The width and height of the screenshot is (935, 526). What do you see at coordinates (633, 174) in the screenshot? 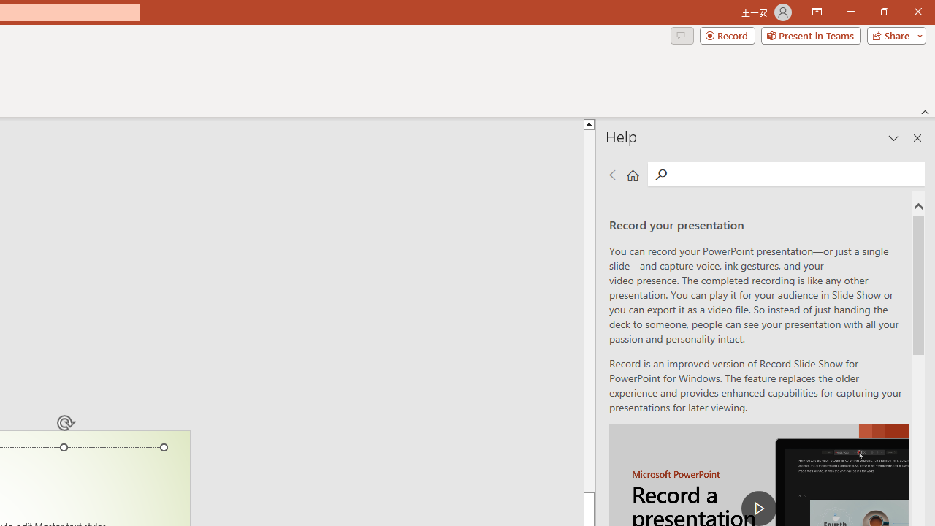
I see `'Home'` at bounding box center [633, 174].